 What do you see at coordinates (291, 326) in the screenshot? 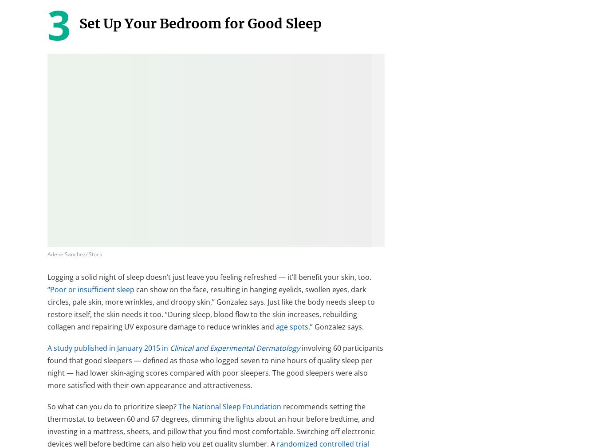
I see `'age spots'` at bounding box center [291, 326].